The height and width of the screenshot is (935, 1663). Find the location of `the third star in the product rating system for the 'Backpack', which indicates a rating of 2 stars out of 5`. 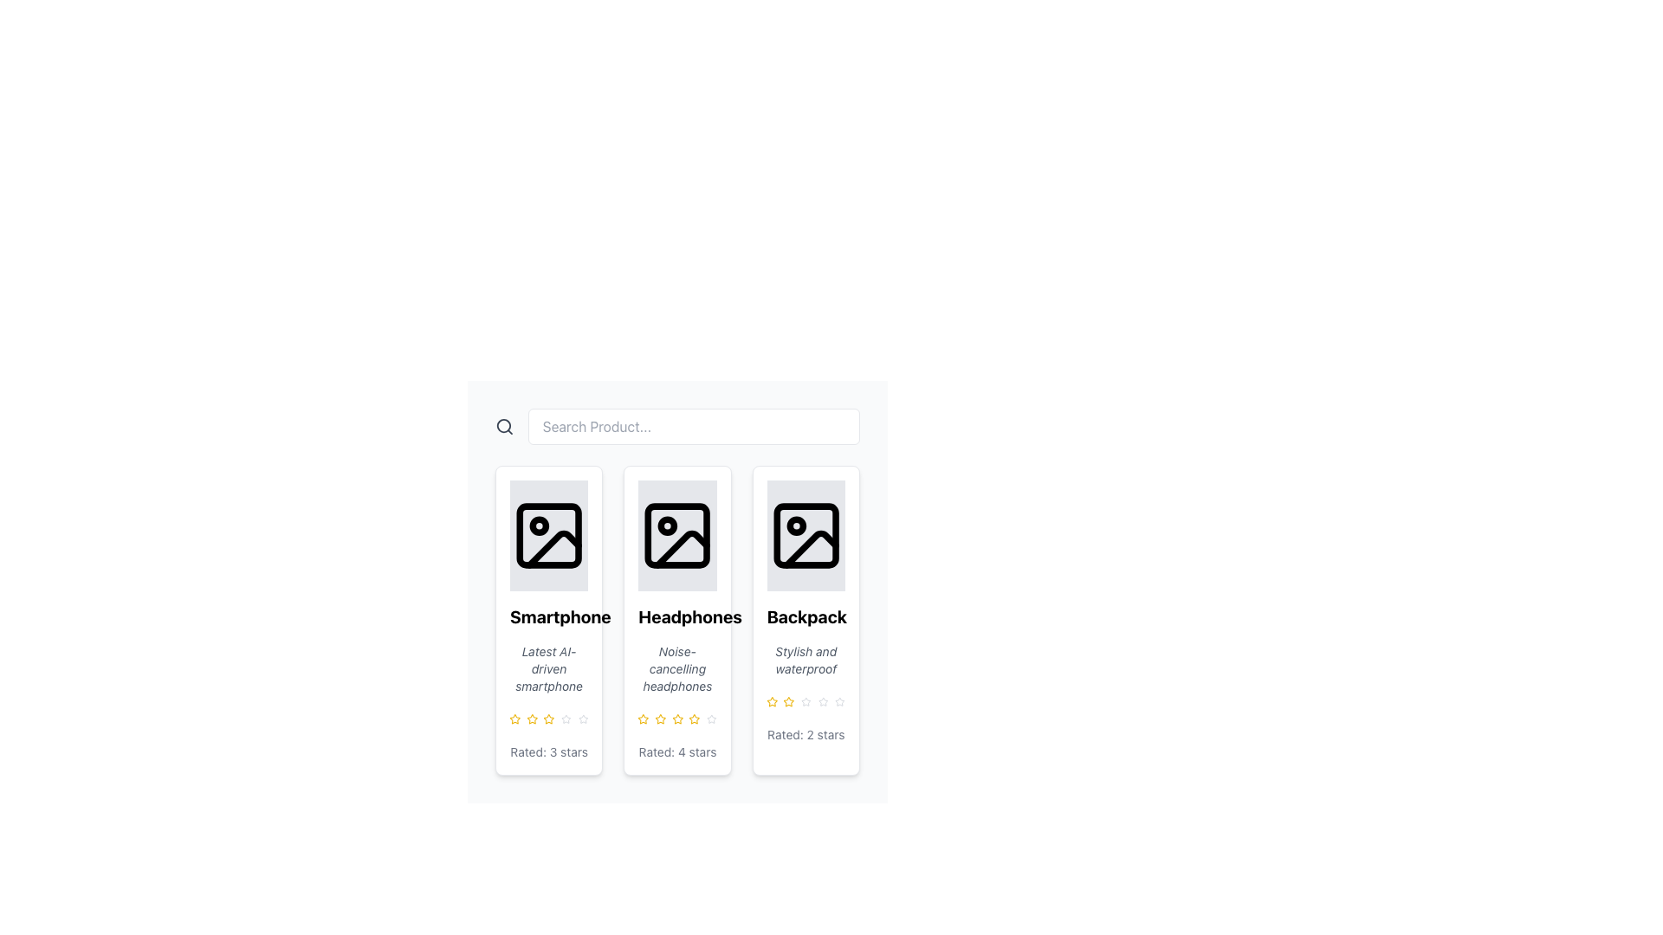

the third star in the product rating system for the 'Backpack', which indicates a rating of 2 stars out of 5 is located at coordinates (840, 701).